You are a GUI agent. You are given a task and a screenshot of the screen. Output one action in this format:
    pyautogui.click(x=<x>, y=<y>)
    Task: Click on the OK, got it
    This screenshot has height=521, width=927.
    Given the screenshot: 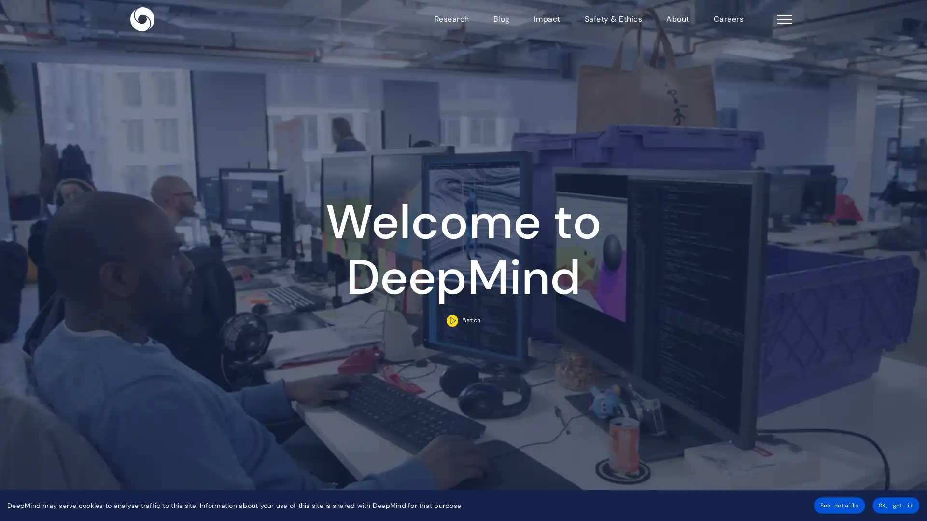 What is the action you would take?
    pyautogui.click(x=895, y=505)
    